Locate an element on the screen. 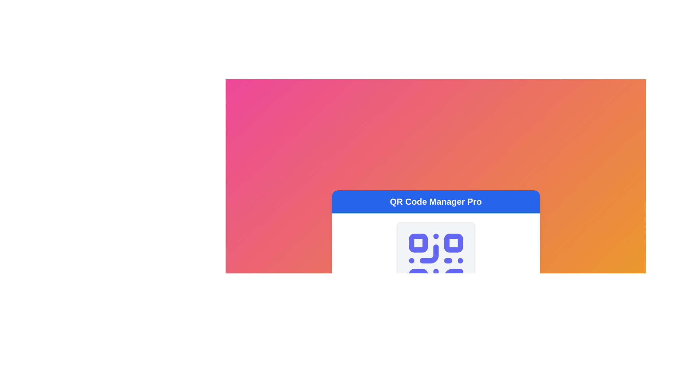 The width and height of the screenshot is (693, 390). the second square in the upper-right corner of the QR code design grid is located at coordinates (453, 243).